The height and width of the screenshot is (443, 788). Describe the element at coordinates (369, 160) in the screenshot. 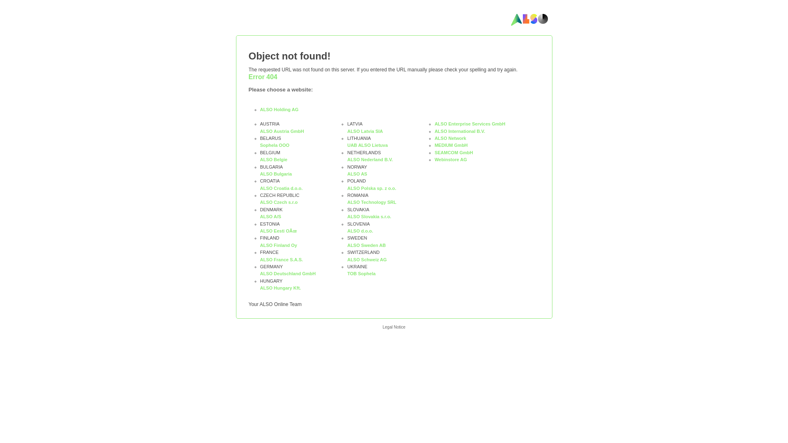

I see `'ALSO Nederland B.V.'` at that location.